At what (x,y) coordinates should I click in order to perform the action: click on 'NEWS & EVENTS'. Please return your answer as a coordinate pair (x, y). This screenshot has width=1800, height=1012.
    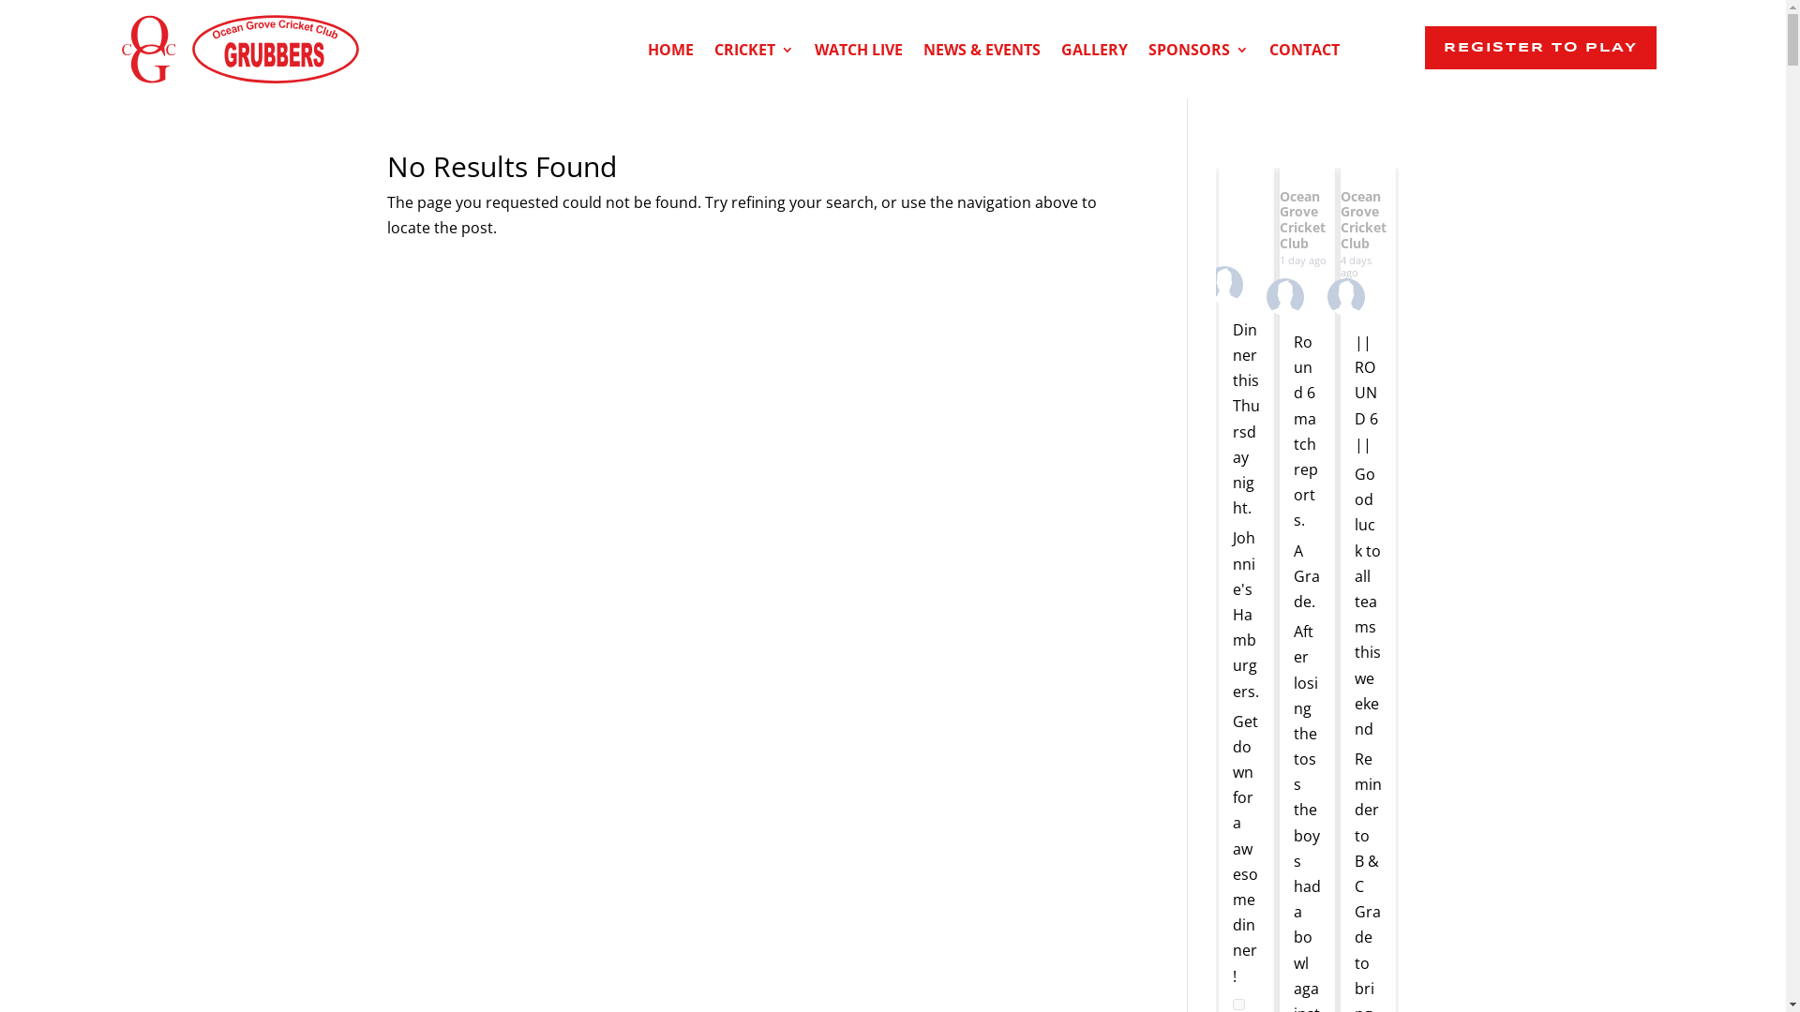
    Looking at the image, I should click on (981, 52).